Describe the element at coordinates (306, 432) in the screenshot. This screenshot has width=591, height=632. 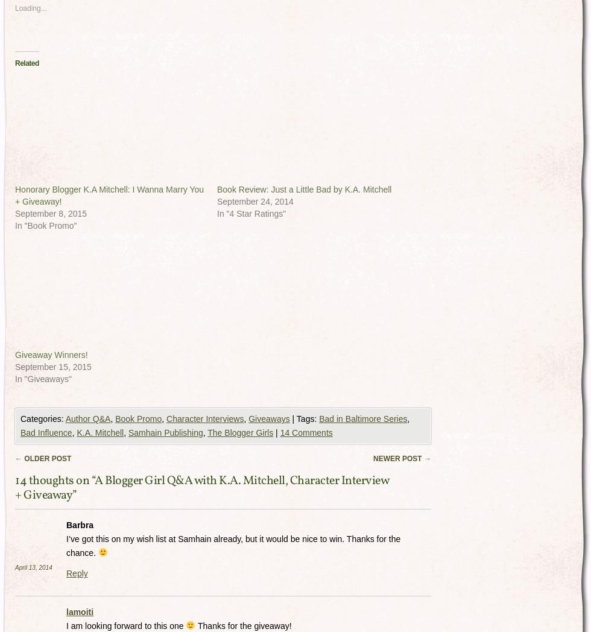
I see `'14 Comments'` at that location.